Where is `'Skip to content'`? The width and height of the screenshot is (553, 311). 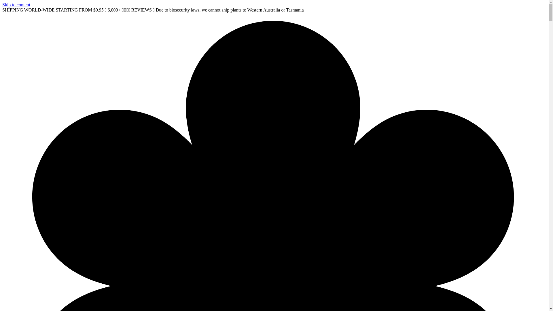
'Skip to content' is located at coordinates (16, 5).